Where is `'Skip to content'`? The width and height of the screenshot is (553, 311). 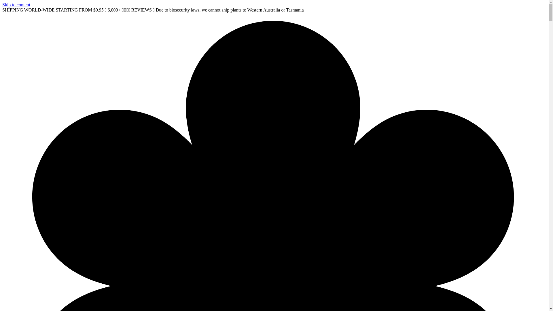
'Skip to content' is located at coordinates (16, 5).